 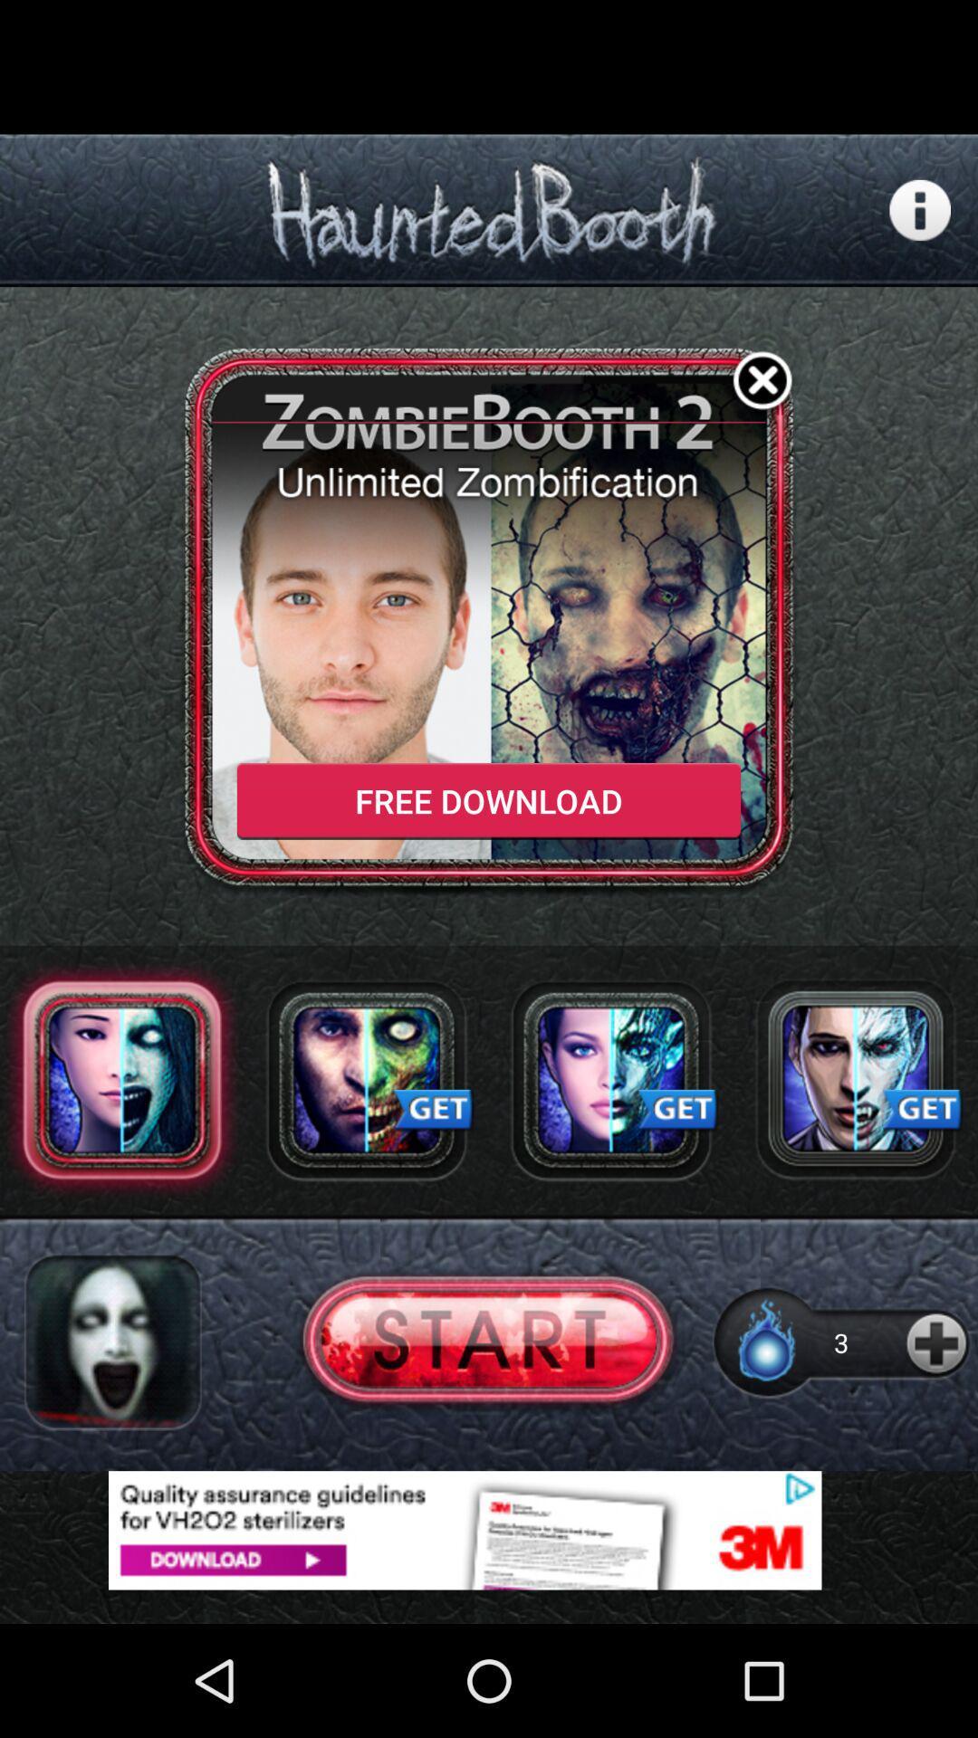 I want to click on the info icon, so click(x=920, y=224).